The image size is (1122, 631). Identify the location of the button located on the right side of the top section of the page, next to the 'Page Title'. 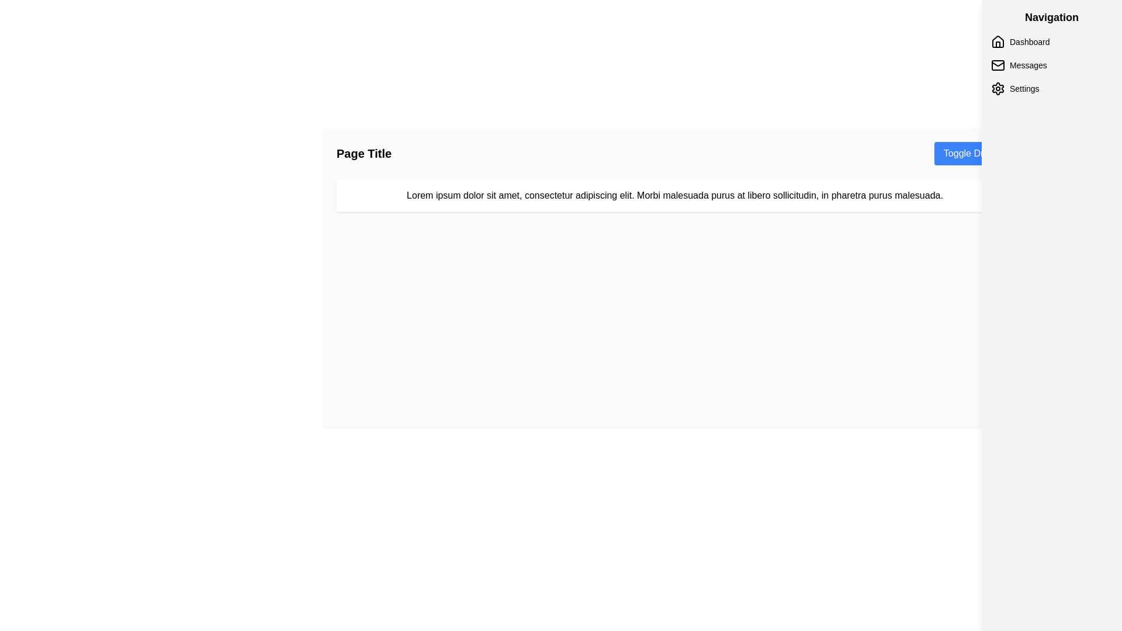
(974, 152).